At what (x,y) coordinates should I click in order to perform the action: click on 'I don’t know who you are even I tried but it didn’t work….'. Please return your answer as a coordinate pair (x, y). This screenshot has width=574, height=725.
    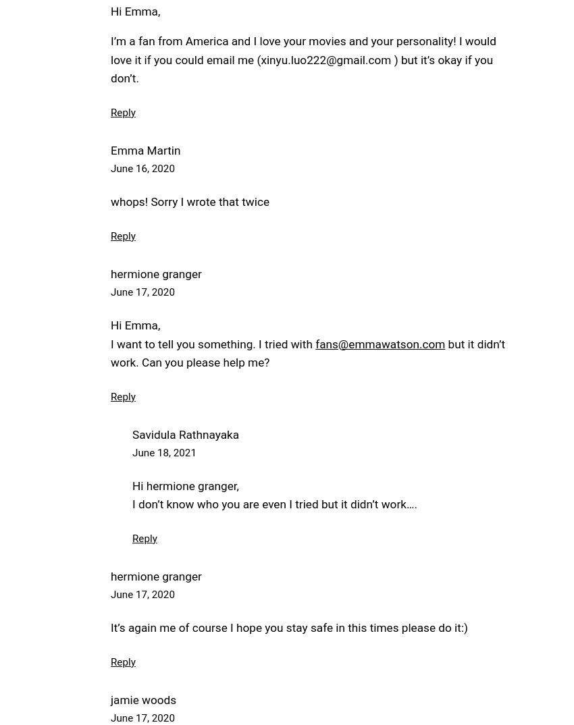
    Looking at the image, I should click on (132, 504).